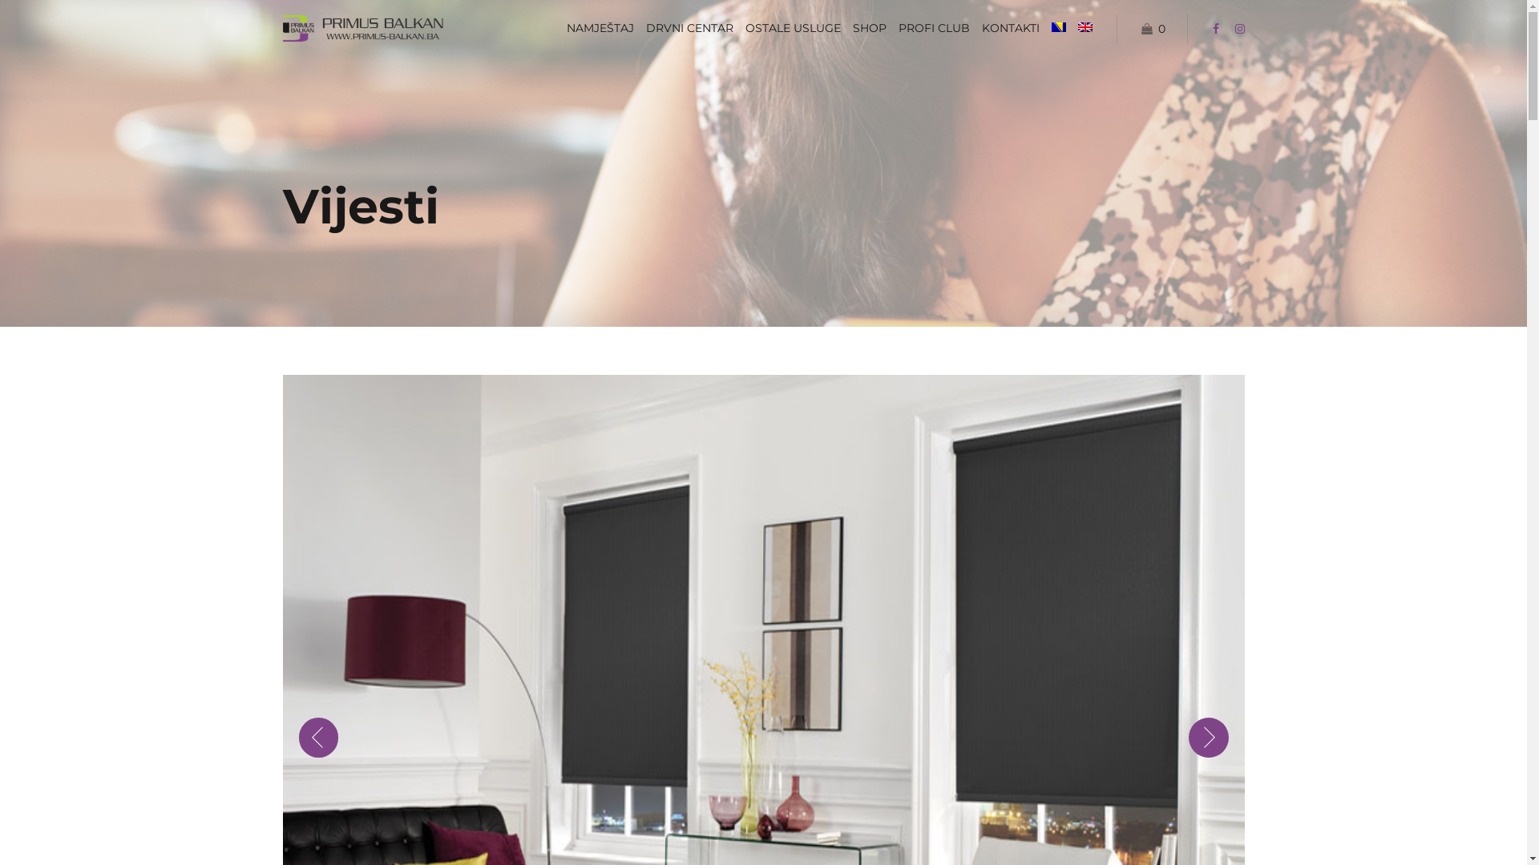 The image size is (1539, 865). What do you see at coordinates (689, 27) in the screenshot?
I see `'DRVNI CENTAR'` at bounding box center [689, 27].